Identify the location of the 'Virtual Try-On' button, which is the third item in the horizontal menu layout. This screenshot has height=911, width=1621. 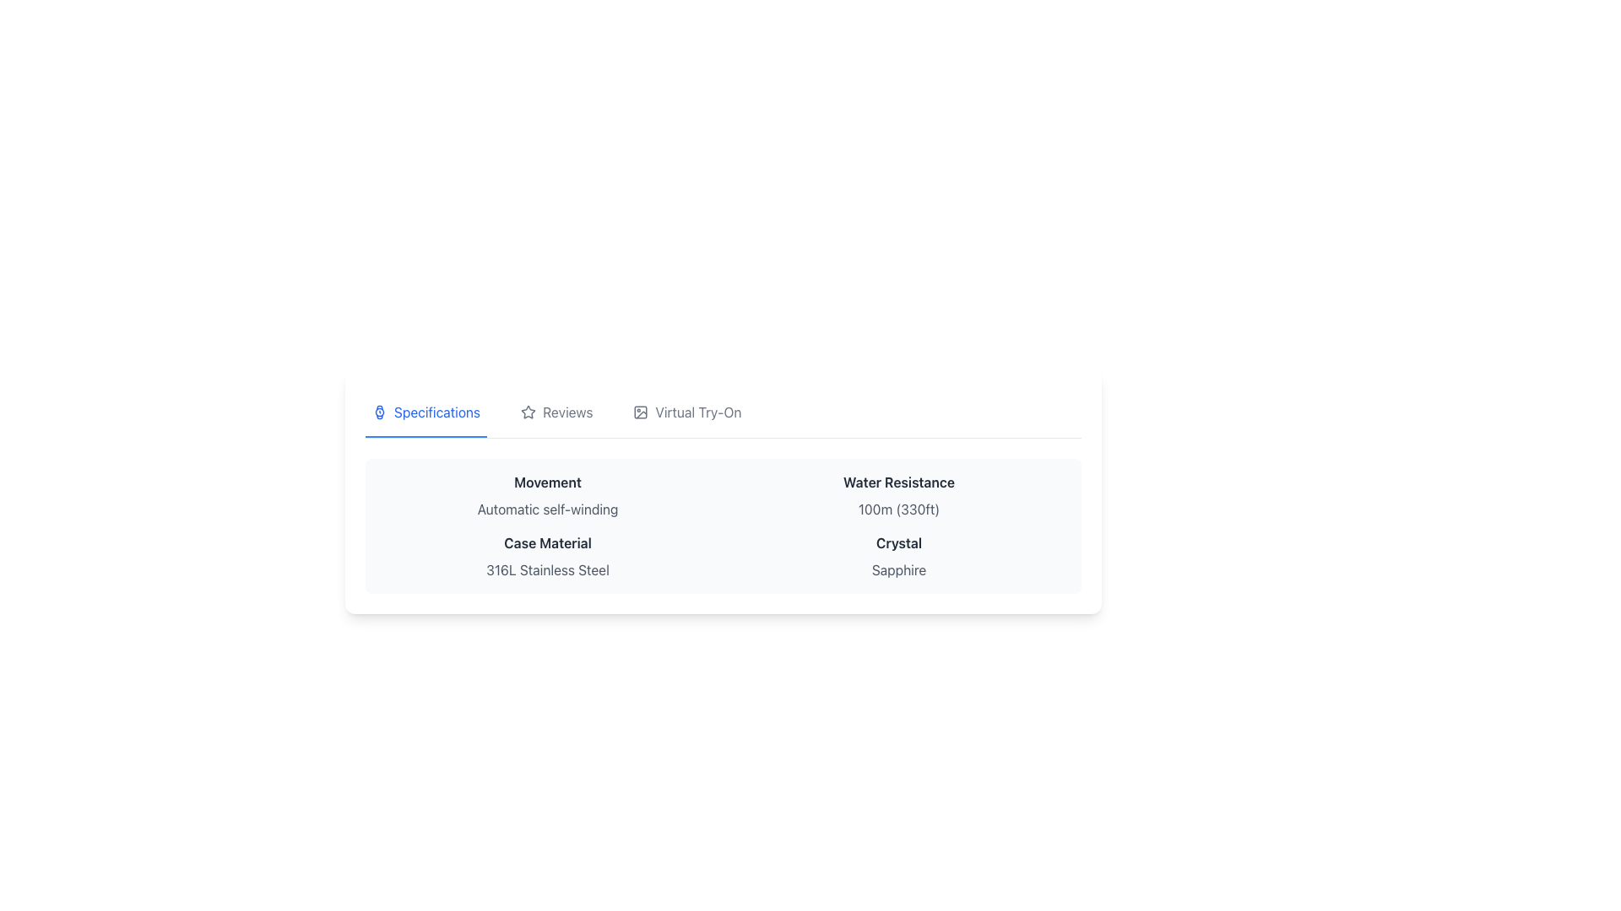
(687, 412).